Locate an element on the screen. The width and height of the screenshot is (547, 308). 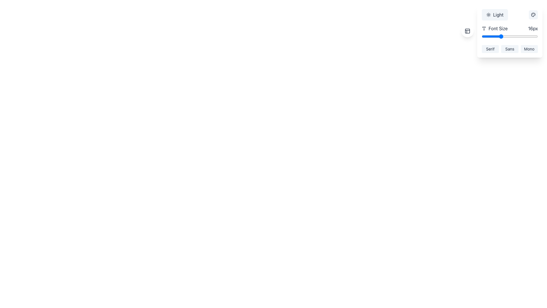
the palette icon located in the top-right corner of the interface, distinguished by its unique shape and circular details is located at coordinates (533, 14).